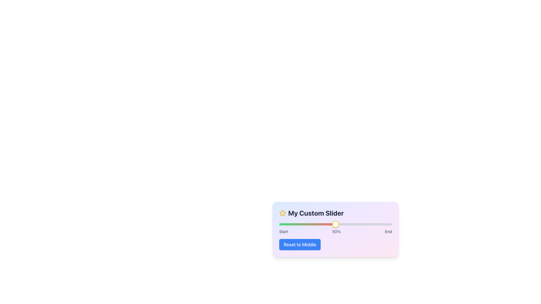 The height and width of the screenshot is (304, 541). Describe the element at coordinates (335, 224) in the screenshot. I see `the Slider Knob located at the center of the slider bar, directly above the '50%' label` at that location.